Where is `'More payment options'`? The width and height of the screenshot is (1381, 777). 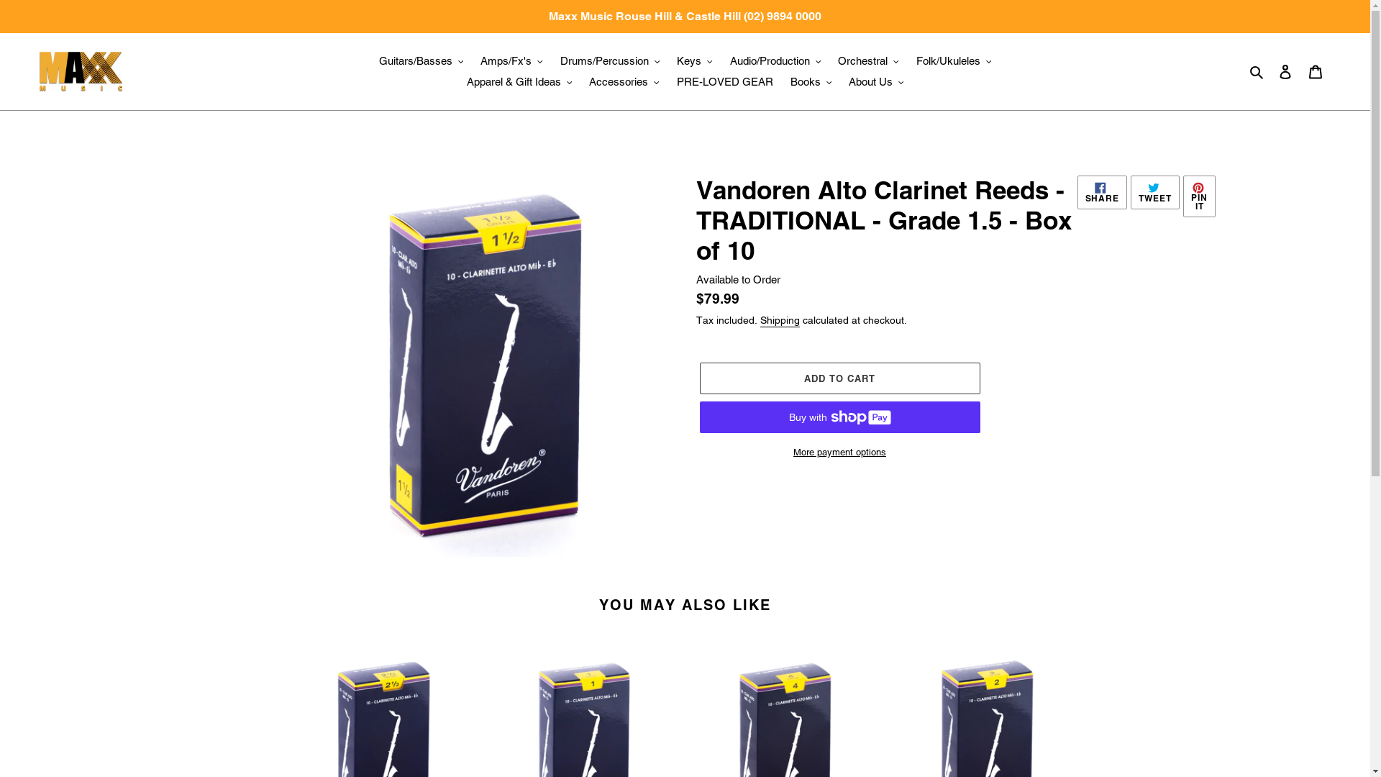 'More payment options' is located at coordinates (839, 451).